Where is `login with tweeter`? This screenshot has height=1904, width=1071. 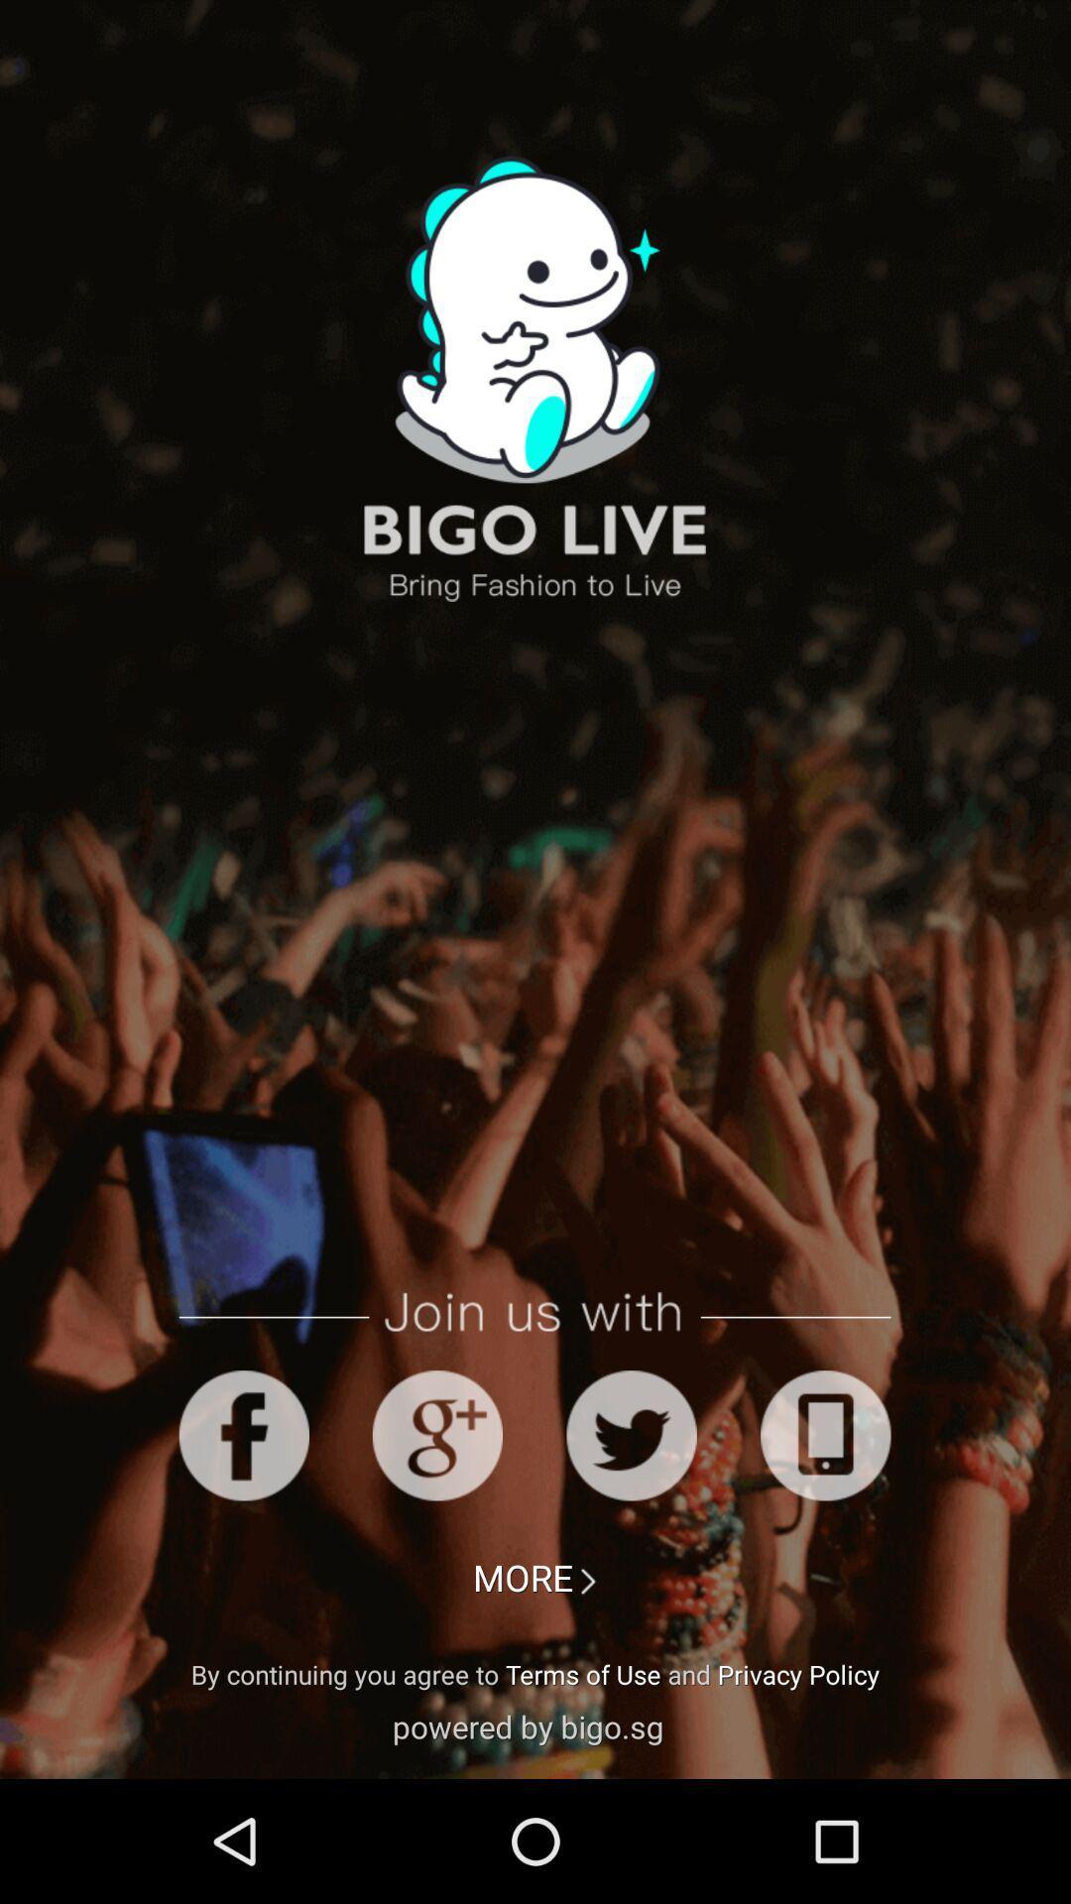 login with tweeter is located at coordinates (632, 1435).